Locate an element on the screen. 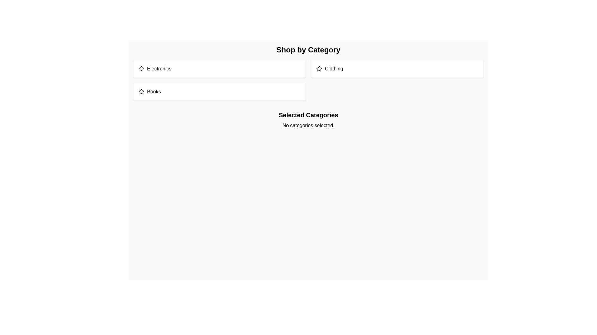  the star-shaped icon with a hollow outline located to the left of the 'Books' button is located at coordinates (141, 92).